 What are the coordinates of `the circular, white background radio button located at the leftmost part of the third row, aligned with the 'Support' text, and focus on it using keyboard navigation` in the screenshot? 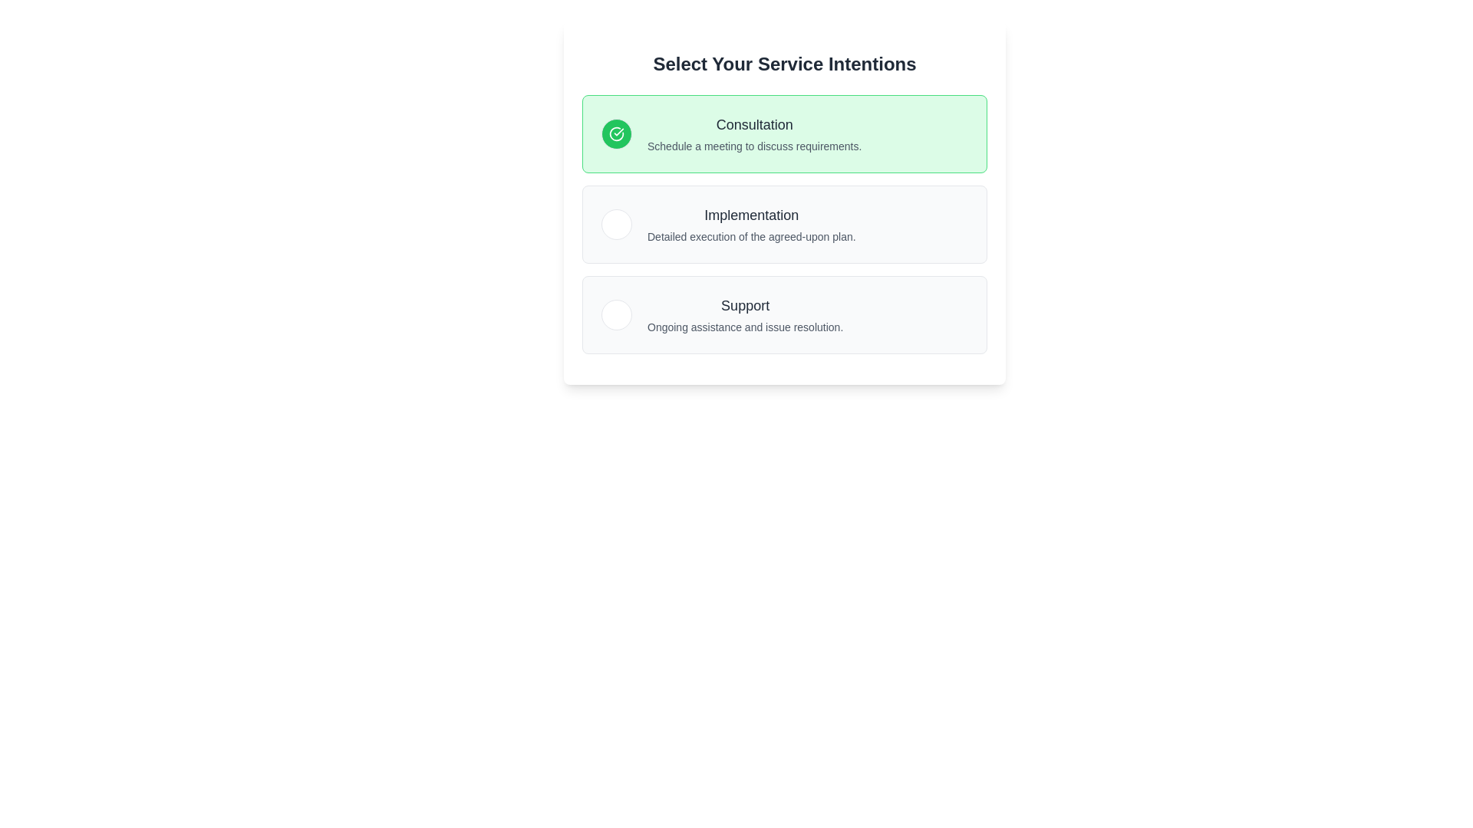 It's located at (617, 314).